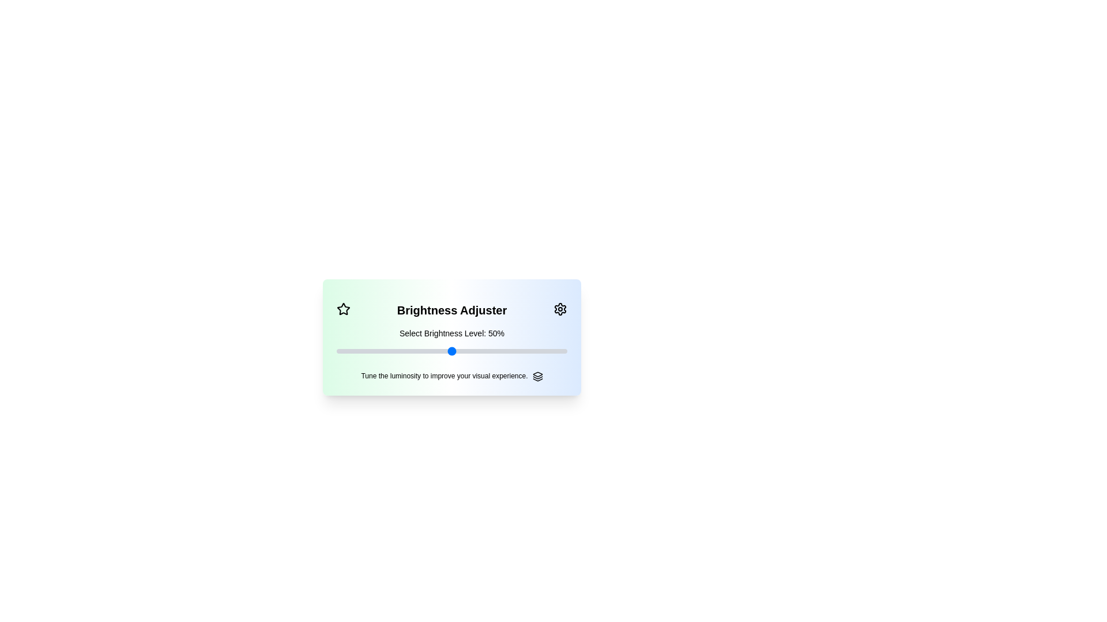 This screenshot has height=622, width=1107. I want to click on the slider to set brightness to 88%, so click(336, 350).